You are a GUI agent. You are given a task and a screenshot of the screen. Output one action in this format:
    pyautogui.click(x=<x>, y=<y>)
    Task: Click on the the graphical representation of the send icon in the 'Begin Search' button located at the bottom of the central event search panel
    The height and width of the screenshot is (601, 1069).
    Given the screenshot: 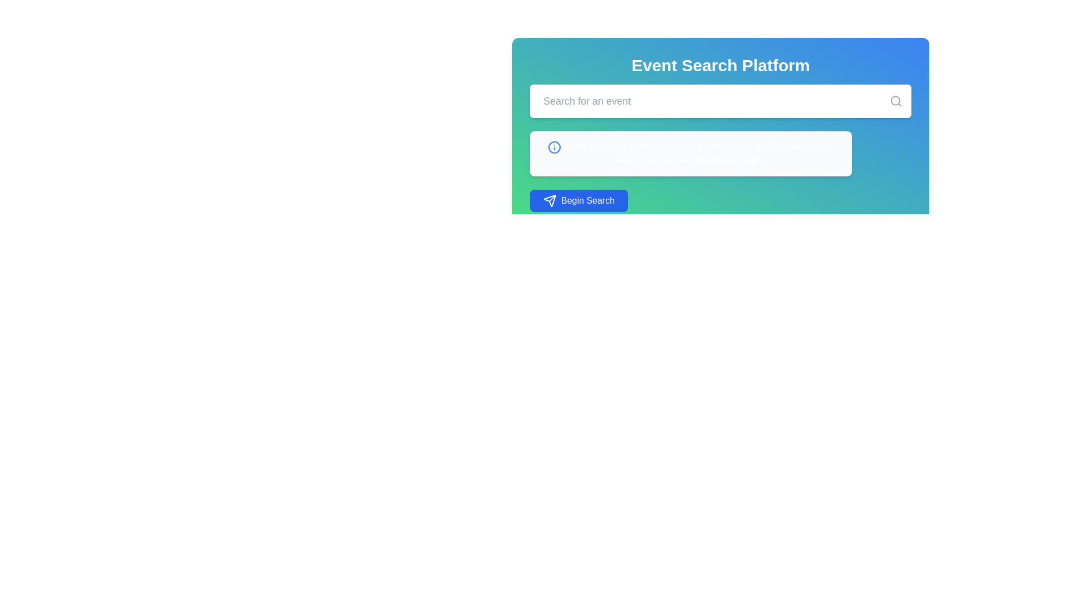 What is the action you would take?
    pyautogui.click(x=550, y=200)
    